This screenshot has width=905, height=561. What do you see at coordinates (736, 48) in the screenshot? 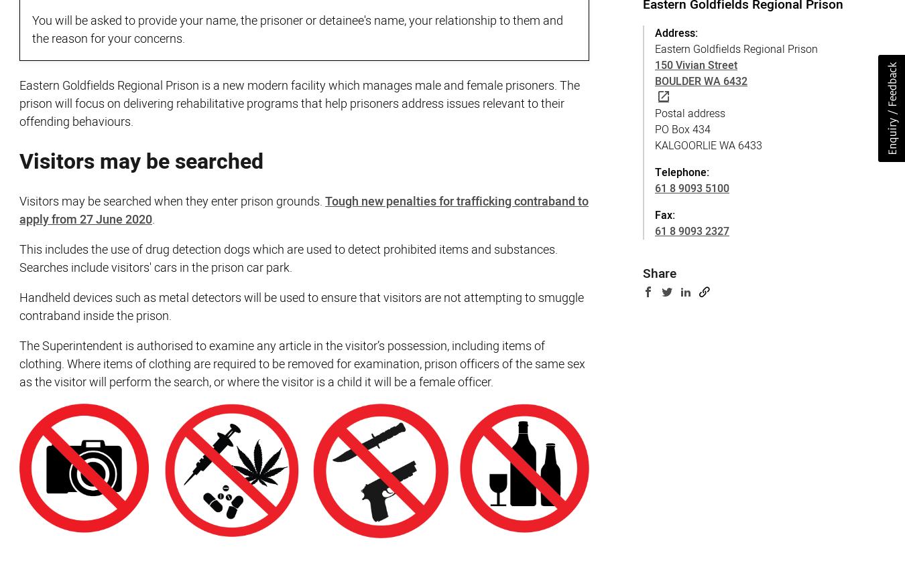
I see `'Eastern Goldfields Regional Prison'` at bounding box center [736, 48].